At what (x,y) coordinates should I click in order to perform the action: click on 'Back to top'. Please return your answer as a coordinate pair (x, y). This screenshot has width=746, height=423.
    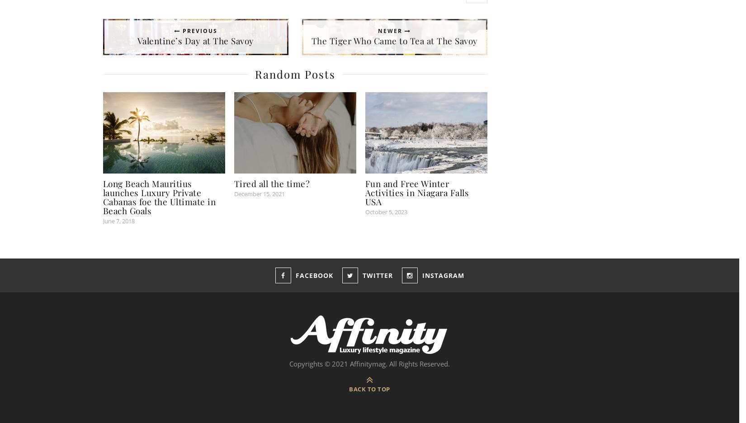
    Looking at the image, I should click on (369, 388).